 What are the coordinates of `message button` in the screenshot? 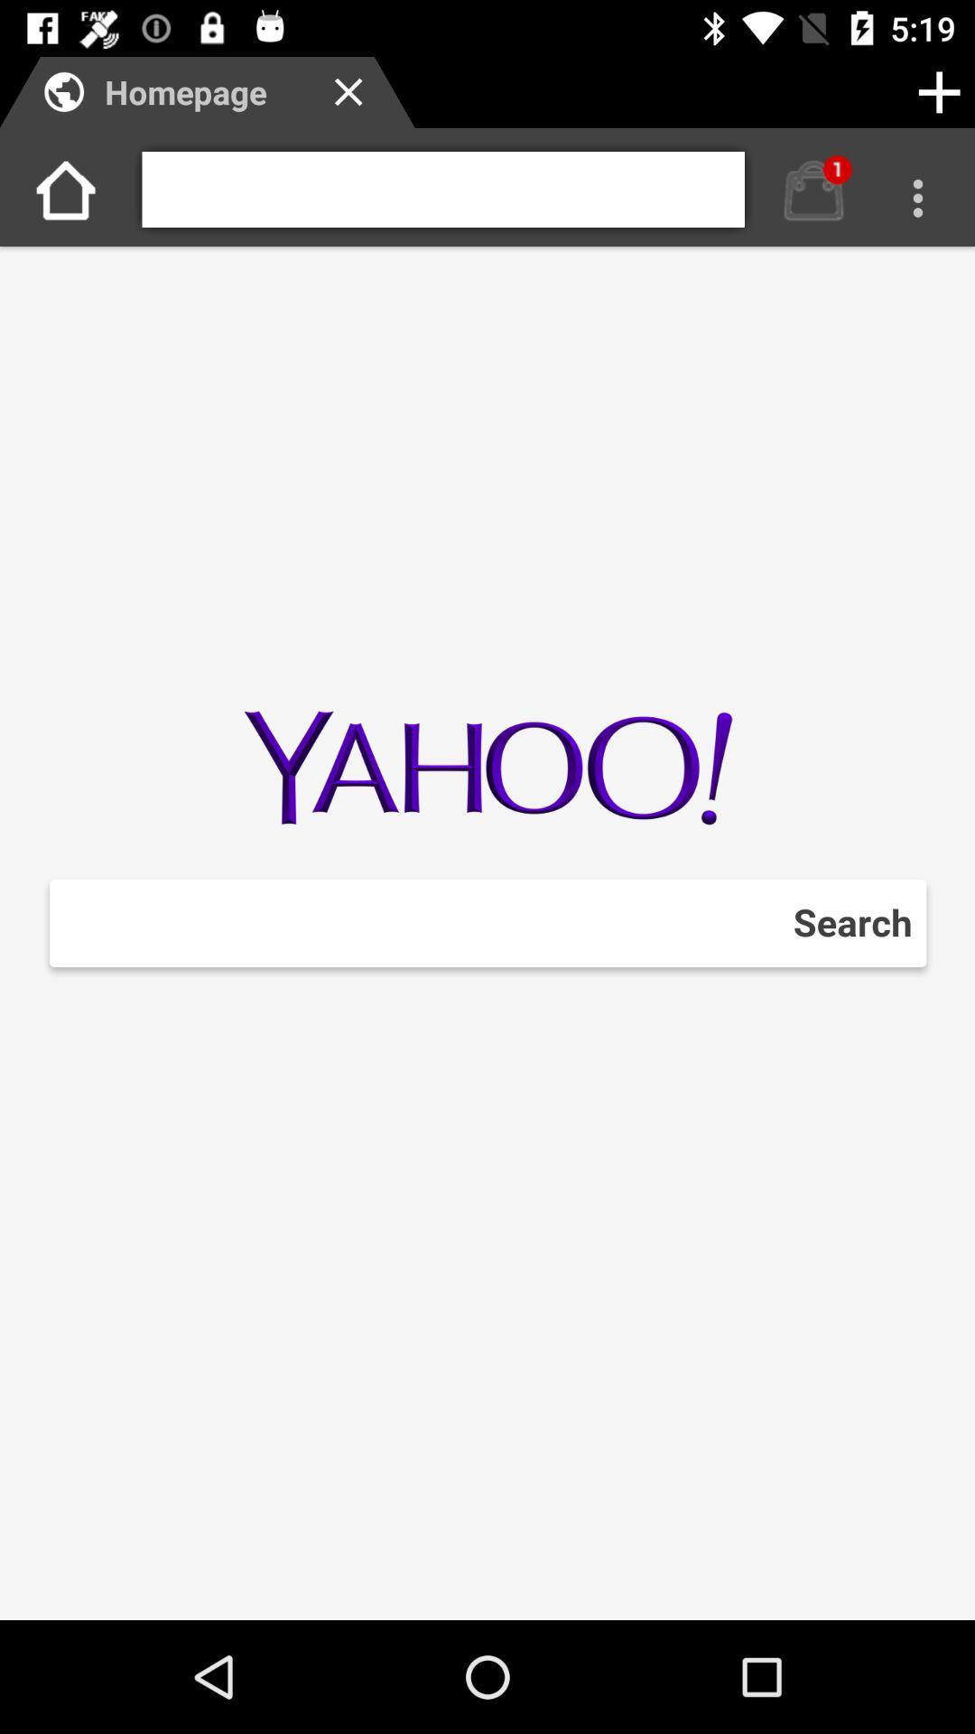 It's located at (813, 190).